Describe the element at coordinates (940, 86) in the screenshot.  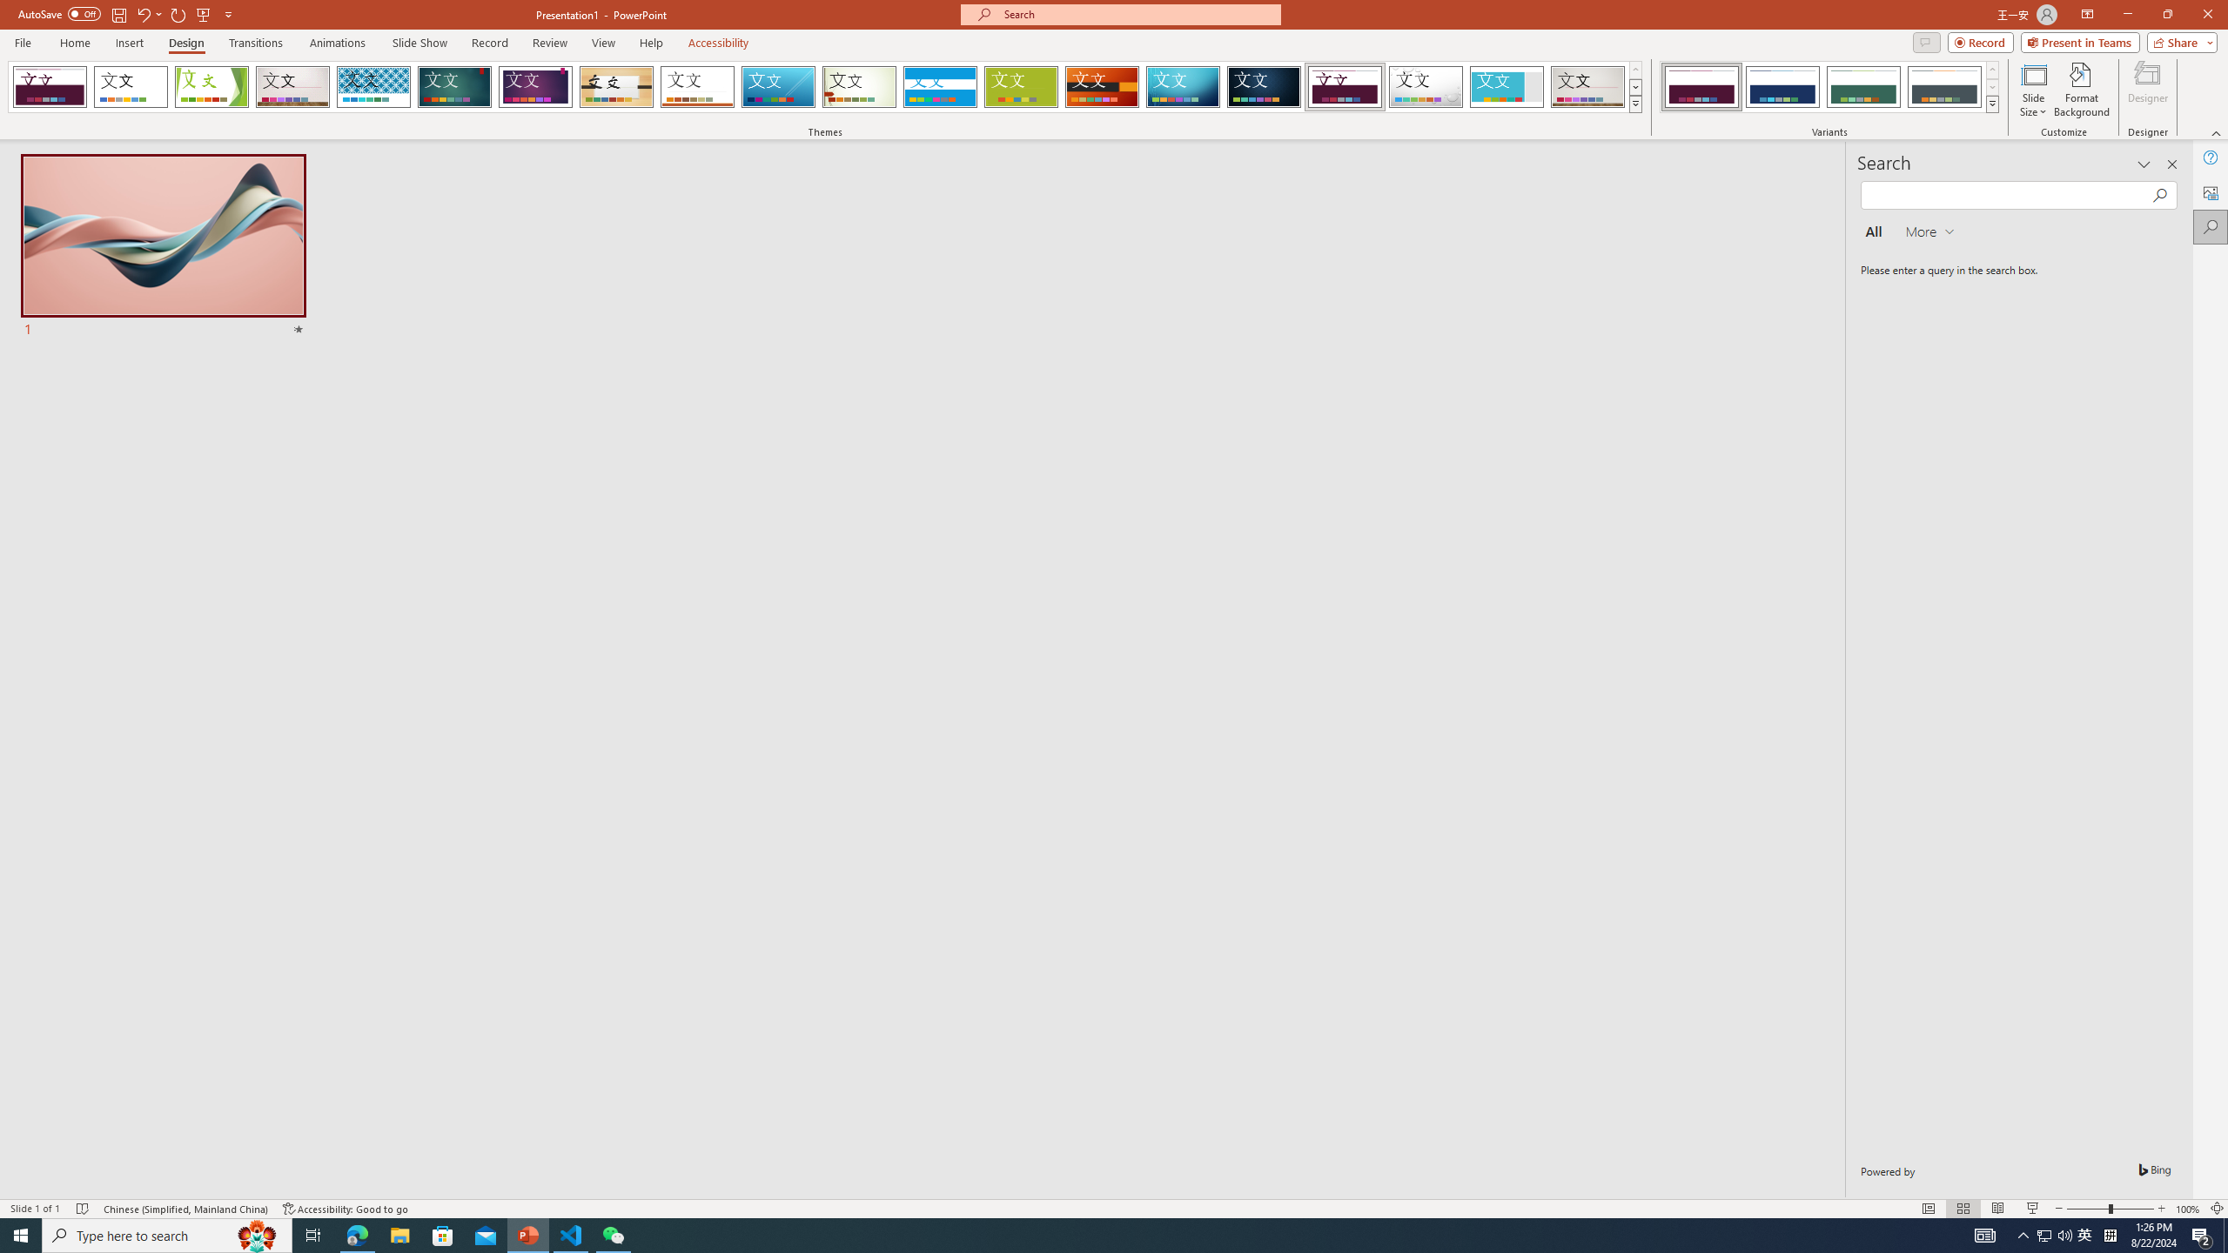
I see `'Banded'` at that location.